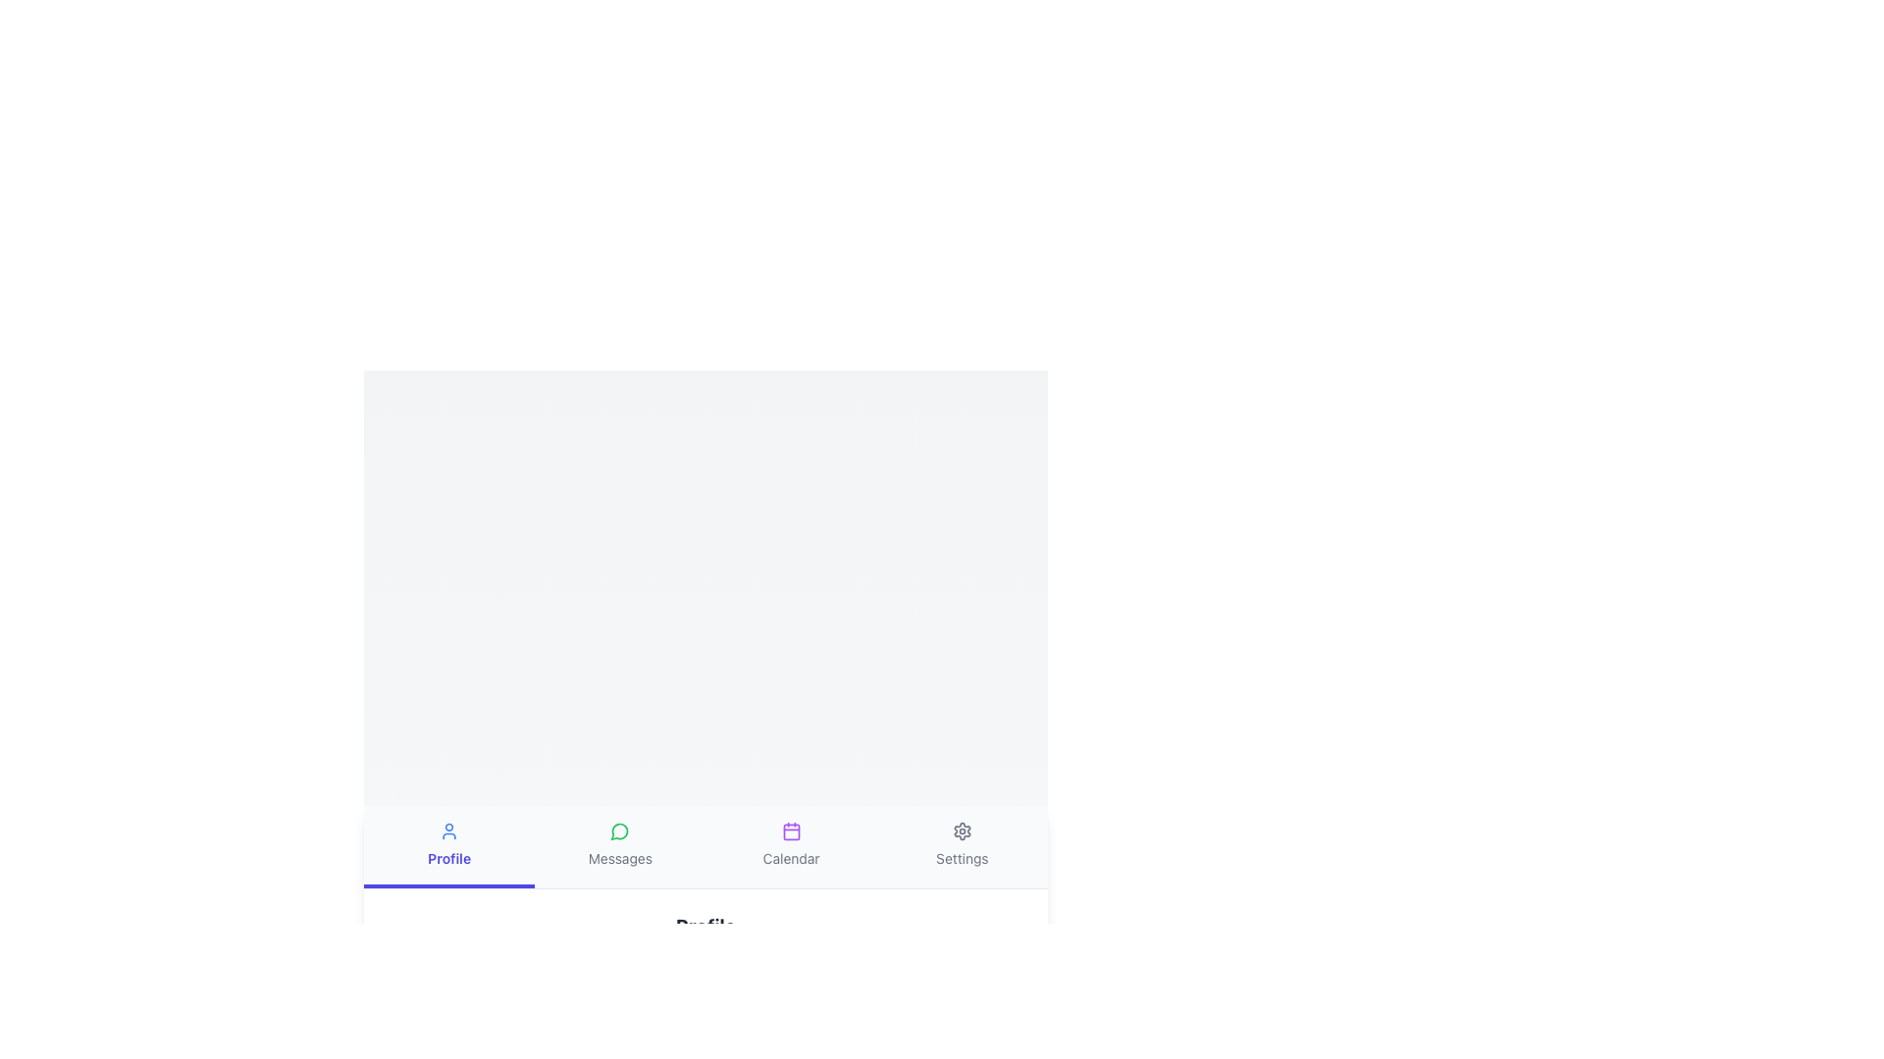  What do you see at coordinates (448, 845) in the screenshot?
I see `the navigation button located in the bottom navigation bar` at bounding box center [448, 845].